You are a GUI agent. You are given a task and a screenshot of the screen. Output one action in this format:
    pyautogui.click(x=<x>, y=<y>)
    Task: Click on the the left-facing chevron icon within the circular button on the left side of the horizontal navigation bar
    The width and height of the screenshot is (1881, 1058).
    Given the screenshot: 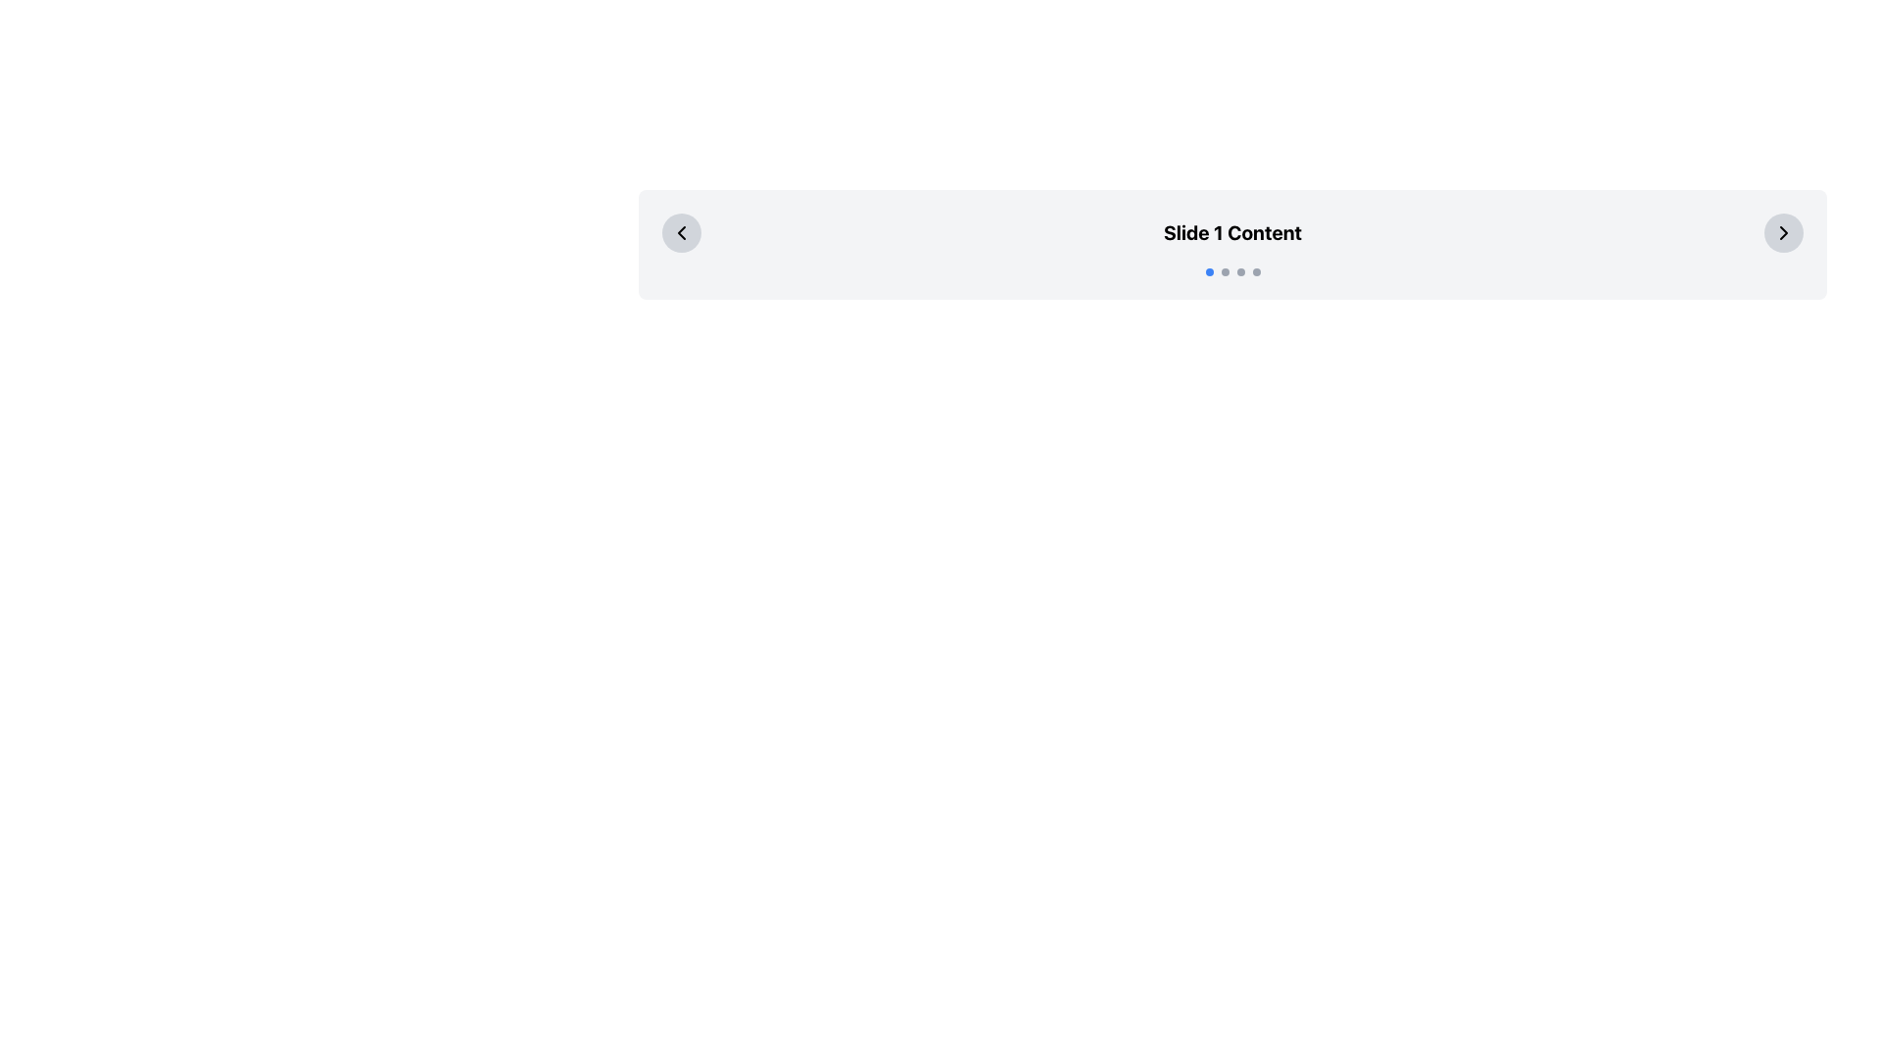 What is the action you would take?
    pyautogui.click(x=682, y=232)
    